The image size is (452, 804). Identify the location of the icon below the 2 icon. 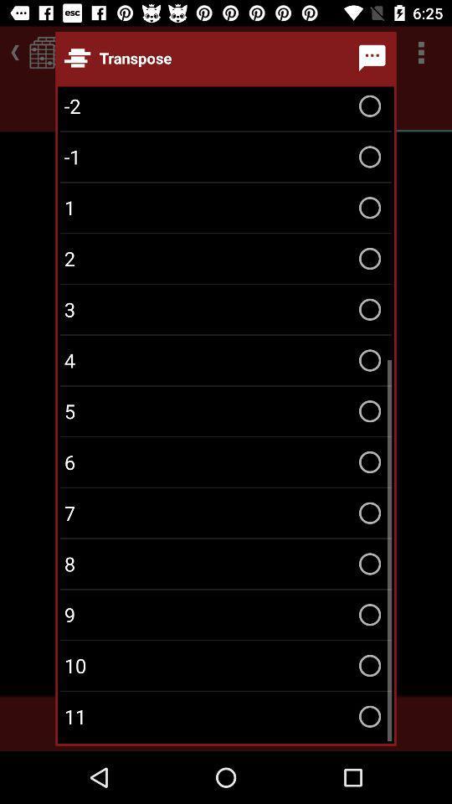
(226, 308).